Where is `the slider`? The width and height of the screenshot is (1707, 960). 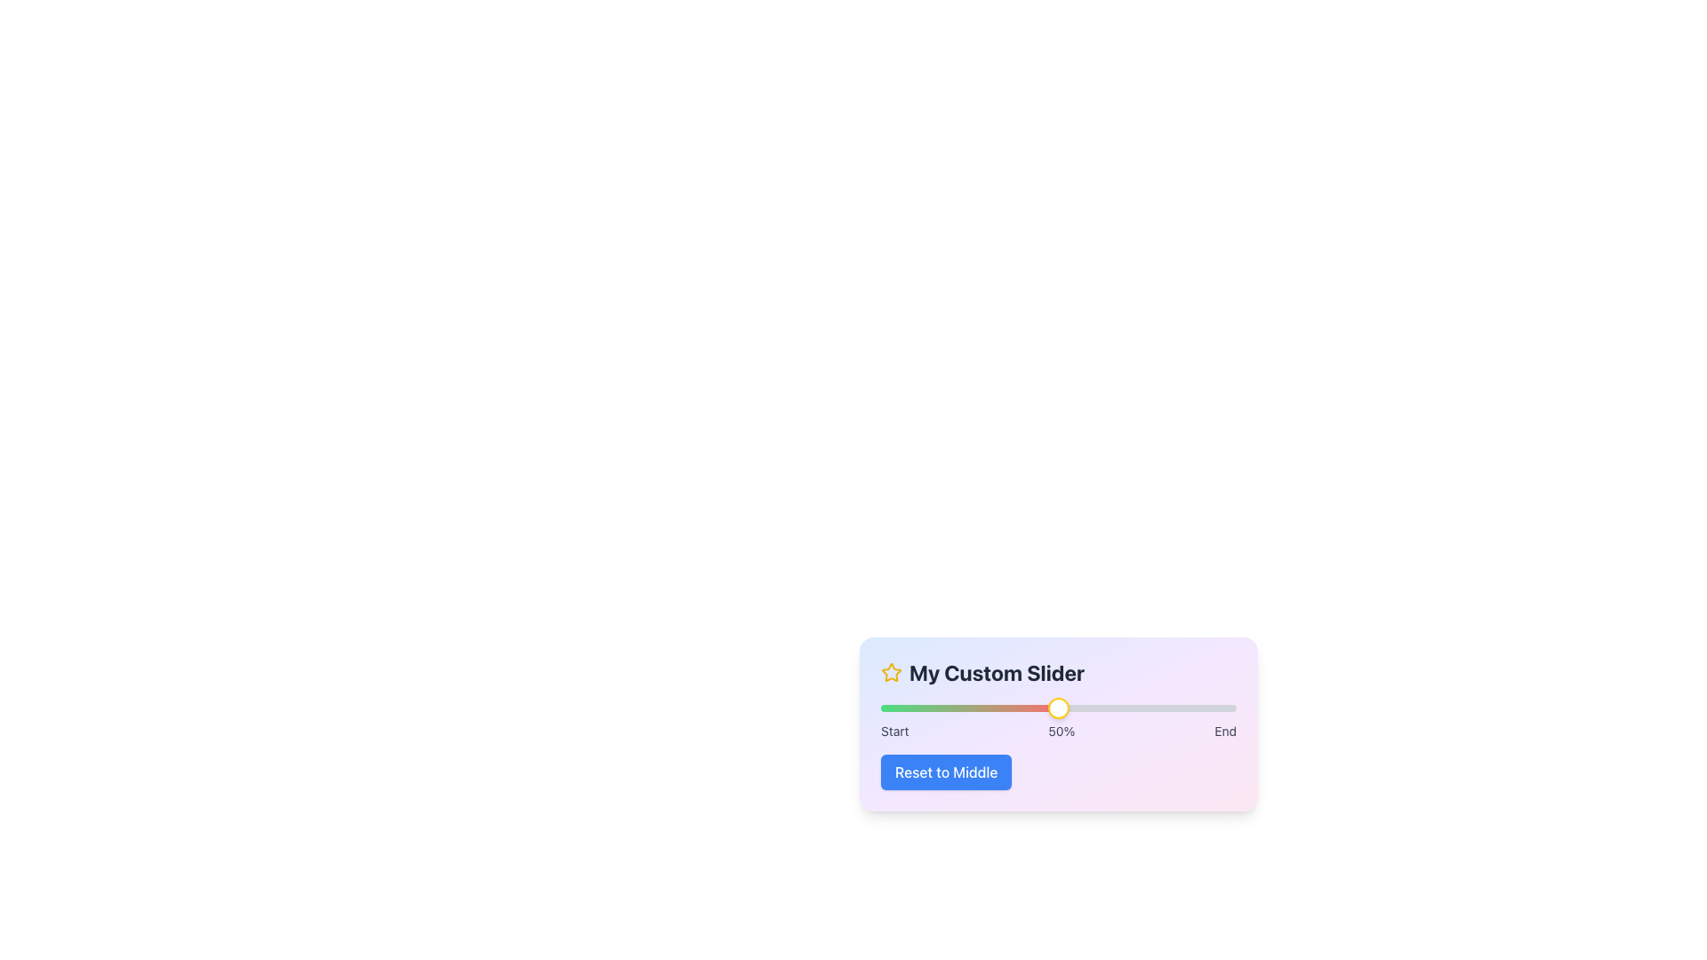 the slider is located at coordinates (1022, 708).